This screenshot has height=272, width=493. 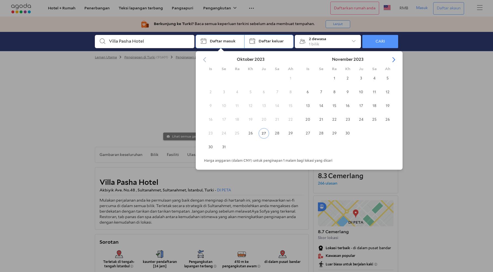 What do you see at coordinates (254, 24) in the screenshot?
I see `'Baca semua keperluan terkini sebelum anda membuat tempahan.'` at bounding box center [254, 24].